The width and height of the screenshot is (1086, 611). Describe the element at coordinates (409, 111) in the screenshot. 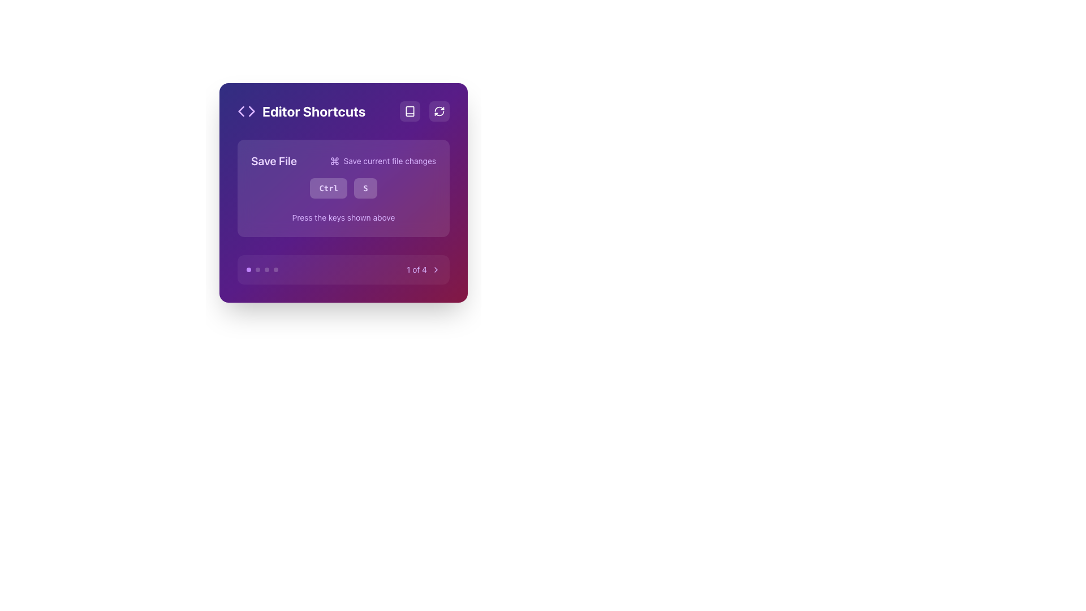

I see `the icon representing 'book' or 'documentation' functionality, located near the top-right corner of the interface next to an icon resembling a circular arrow and aligned with the 'Editor Shortcuts' header` at that location.